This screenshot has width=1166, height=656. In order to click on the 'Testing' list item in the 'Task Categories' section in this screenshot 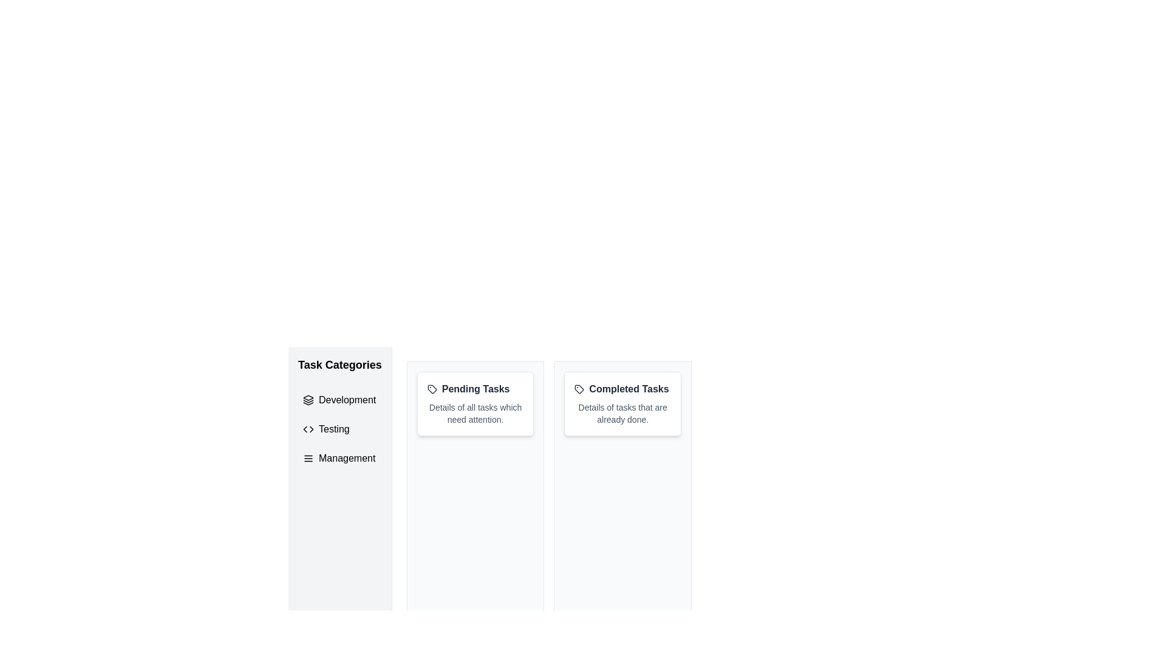, I will do `click(339, 428)`.